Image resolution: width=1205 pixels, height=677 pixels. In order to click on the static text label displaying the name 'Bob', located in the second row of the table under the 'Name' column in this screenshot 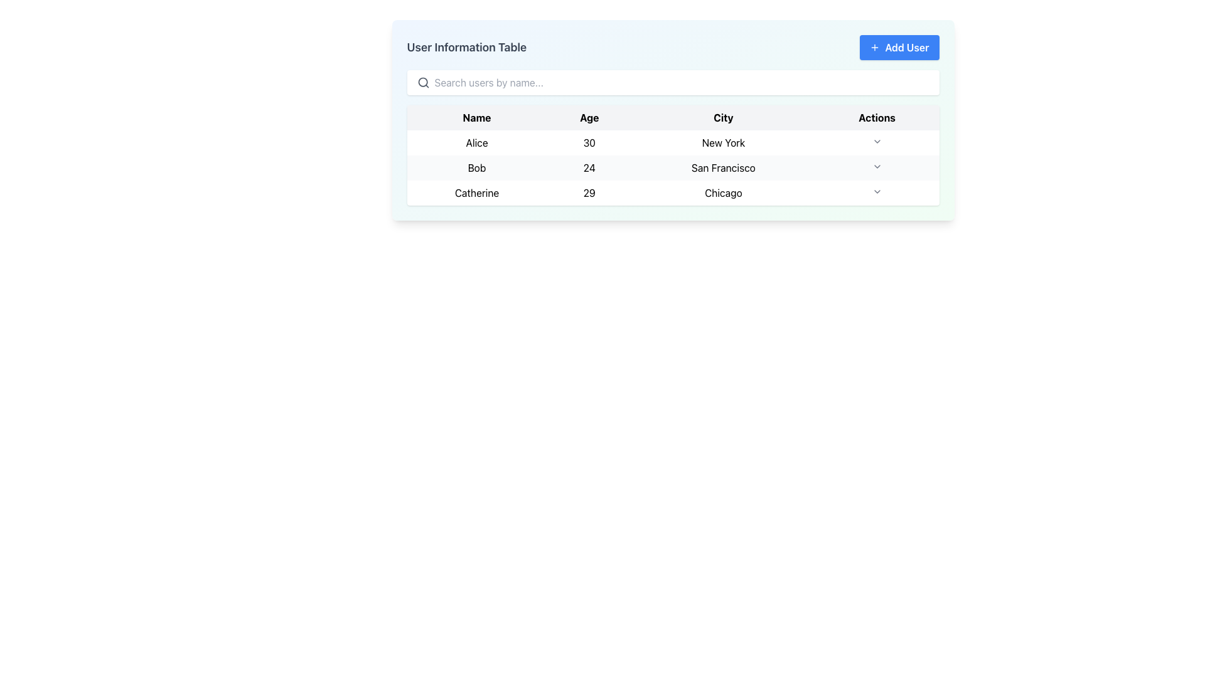, I will do `click(476, 167)`.